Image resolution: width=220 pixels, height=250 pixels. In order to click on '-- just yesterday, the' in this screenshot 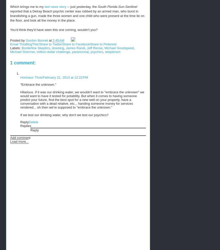, I will do `click(82, 6)`.